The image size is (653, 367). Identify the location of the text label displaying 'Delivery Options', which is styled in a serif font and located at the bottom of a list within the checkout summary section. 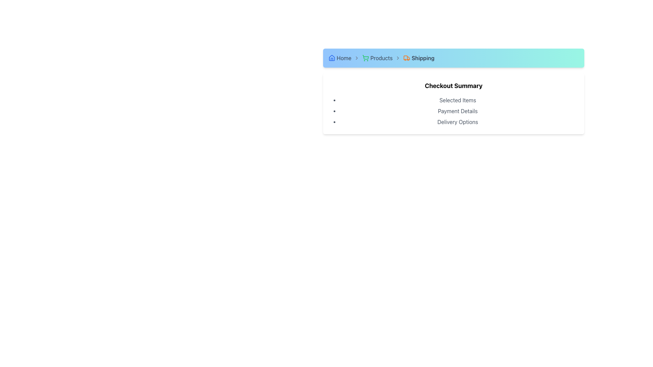
(457, 121).